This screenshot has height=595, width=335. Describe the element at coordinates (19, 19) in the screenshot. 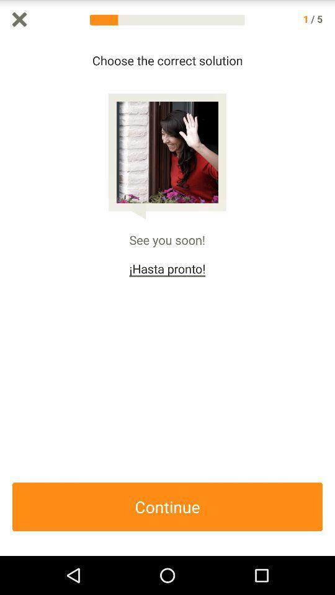

I see `exit` at that location.